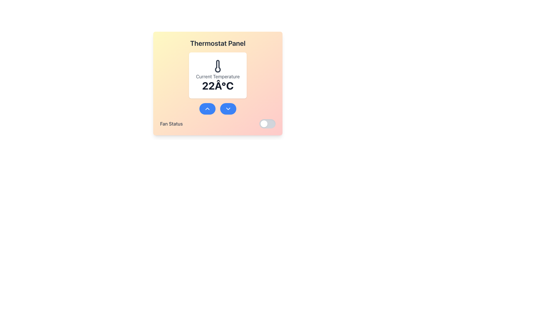 The height and width of the screenshot is (311, 554). What do you see at coordinates (264, 123) in the screenshot?
I see `the leftmost toggle switch handle` at bounding box center [264, 123].